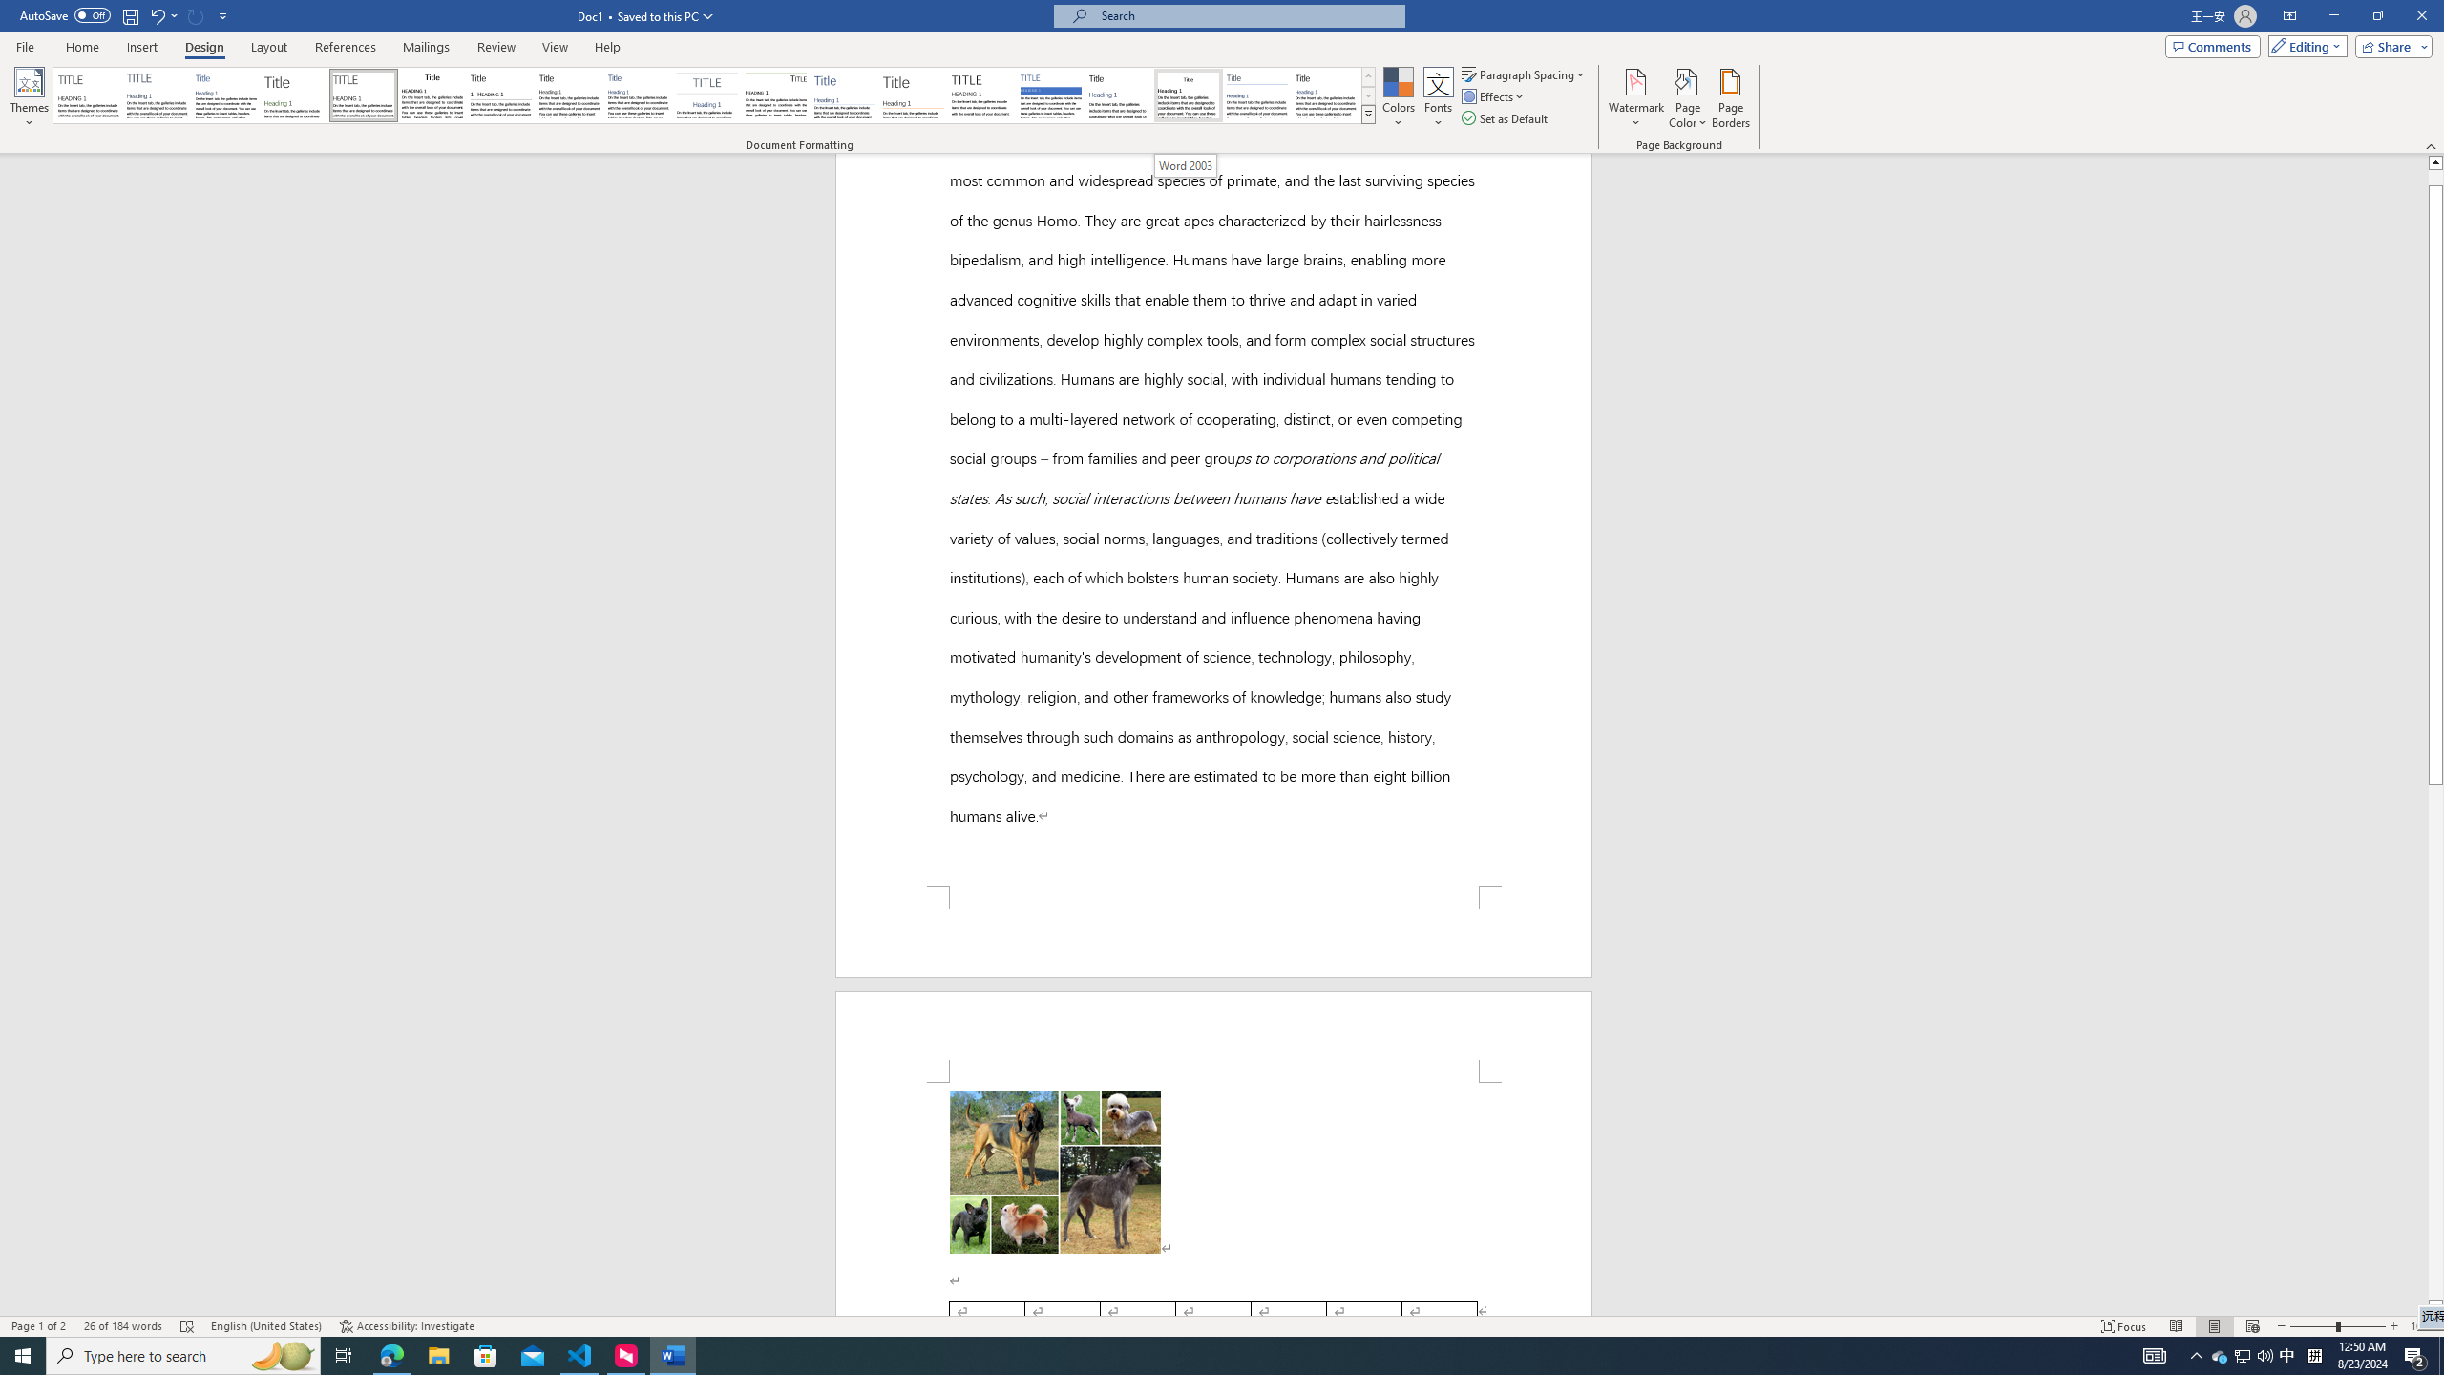 The image size is (2444, 1375). I want to click on 'Page Color', so click(1688, 98).